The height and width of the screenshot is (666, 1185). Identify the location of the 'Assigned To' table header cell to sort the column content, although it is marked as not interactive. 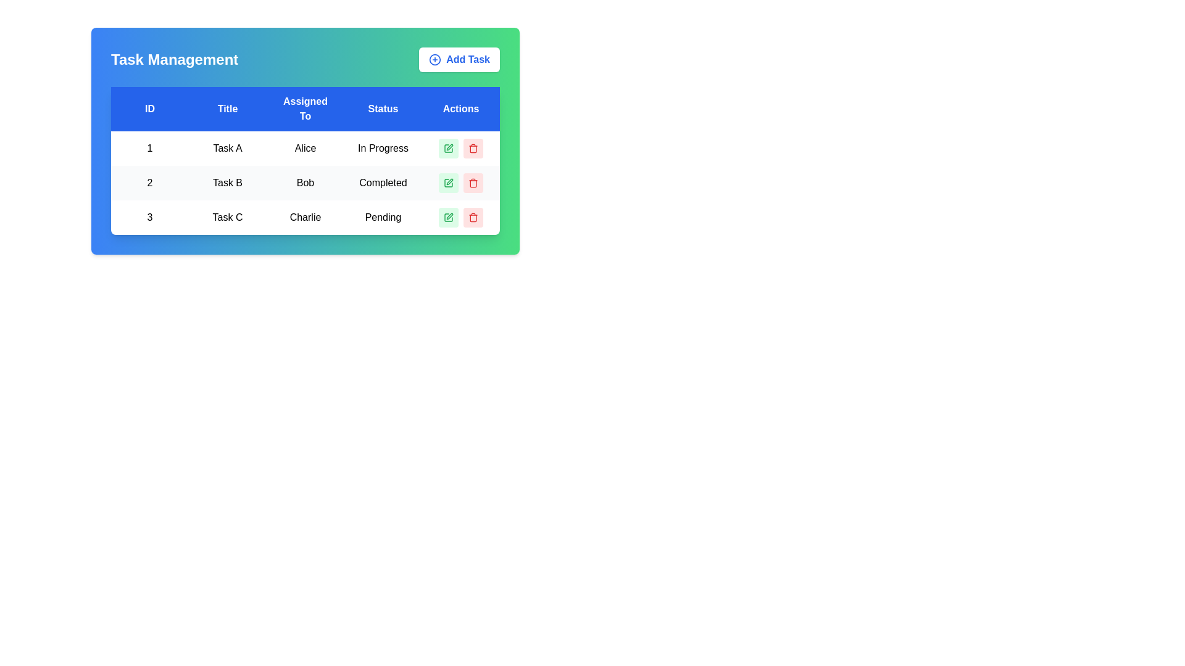
(305, 109).